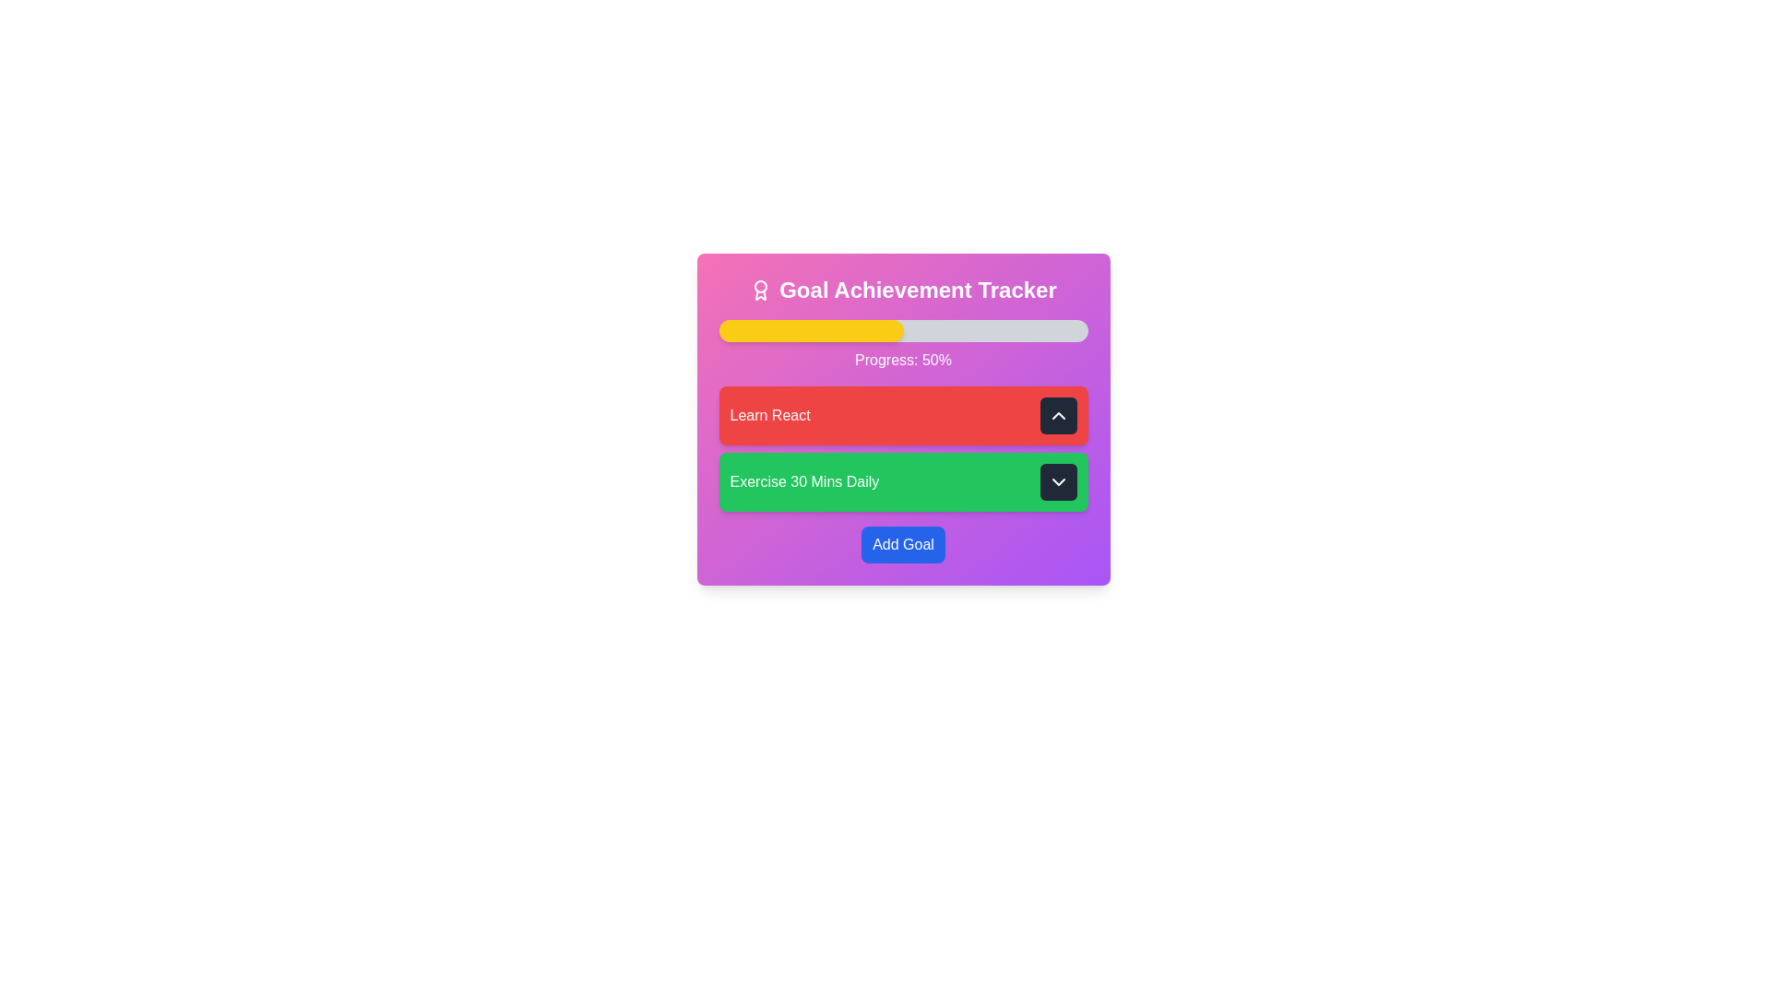  What do you see at coordinates (761, 287) in the screenshot?
I see `the central circle in the SVG graphic of the 'Goal Achievement Tracker' application panel` at bounding box center [761, 287].